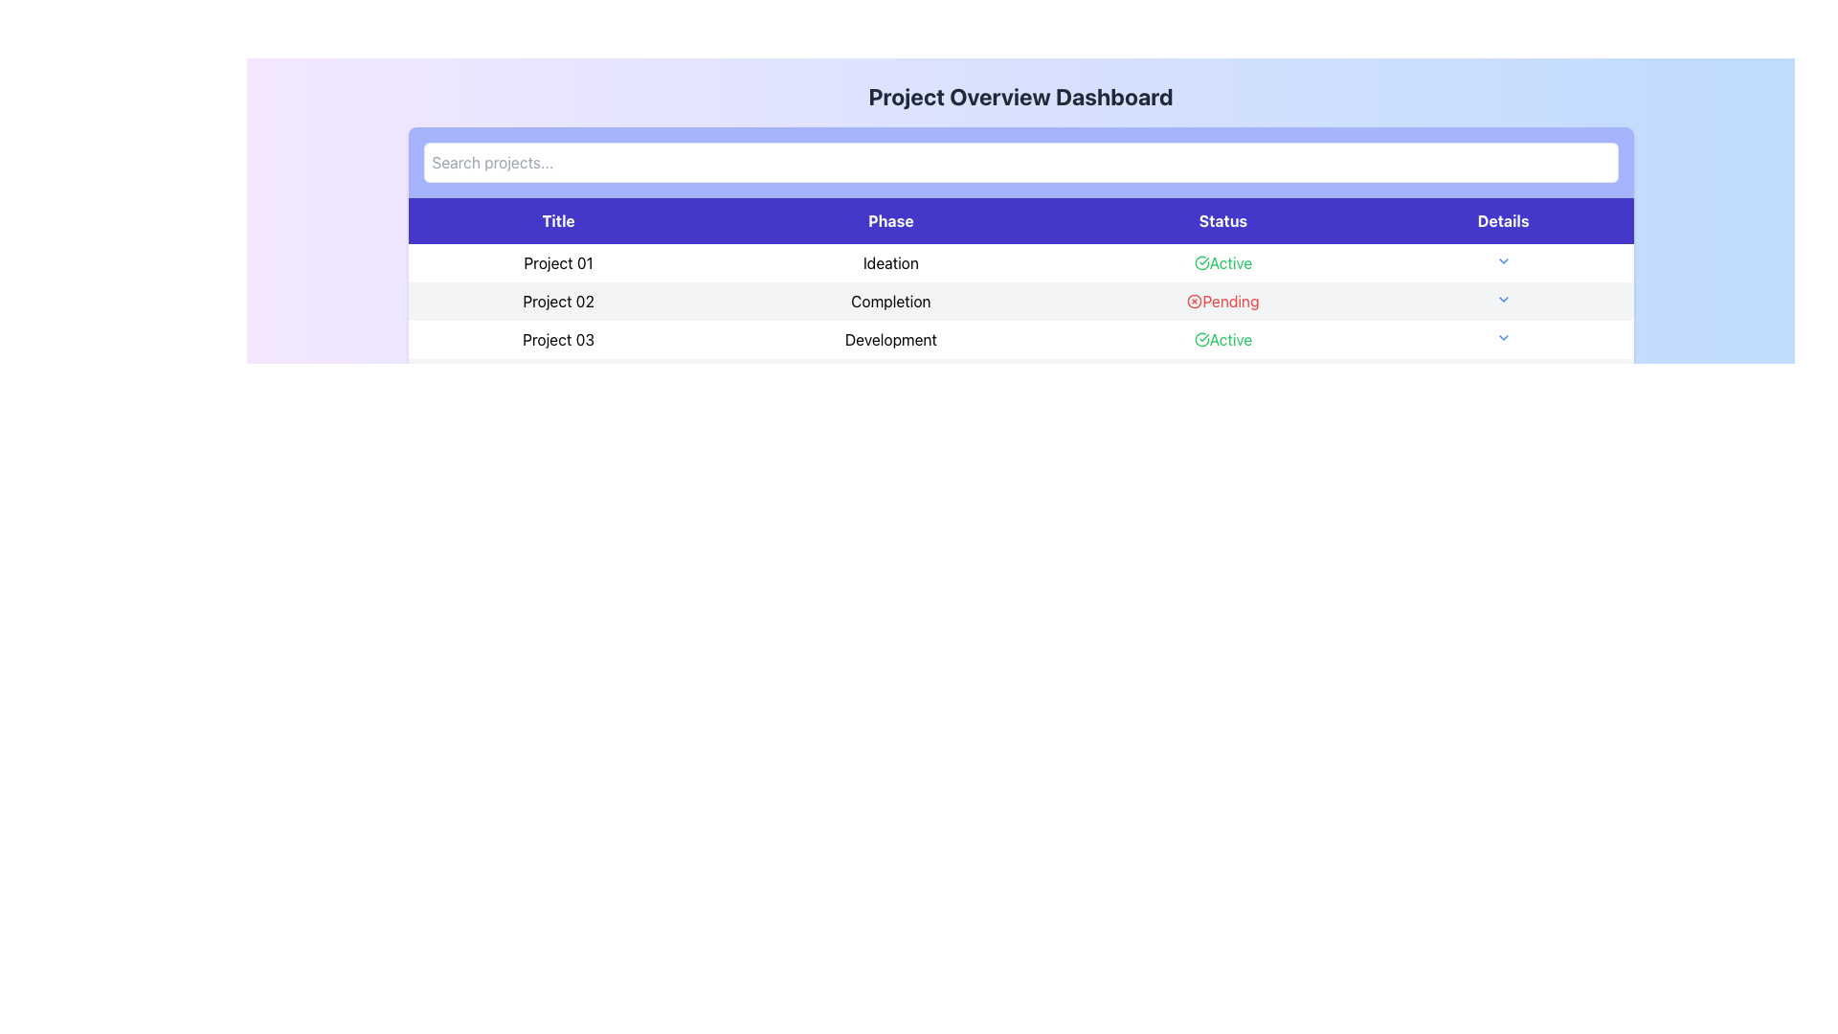 This screenshot has height=1034, width=1838. Describe the element at coordinates (557, 262) in the screenshot. I see `the static text label that serves as the title for the project in the first row under the 'Title' column of the table` at that location.